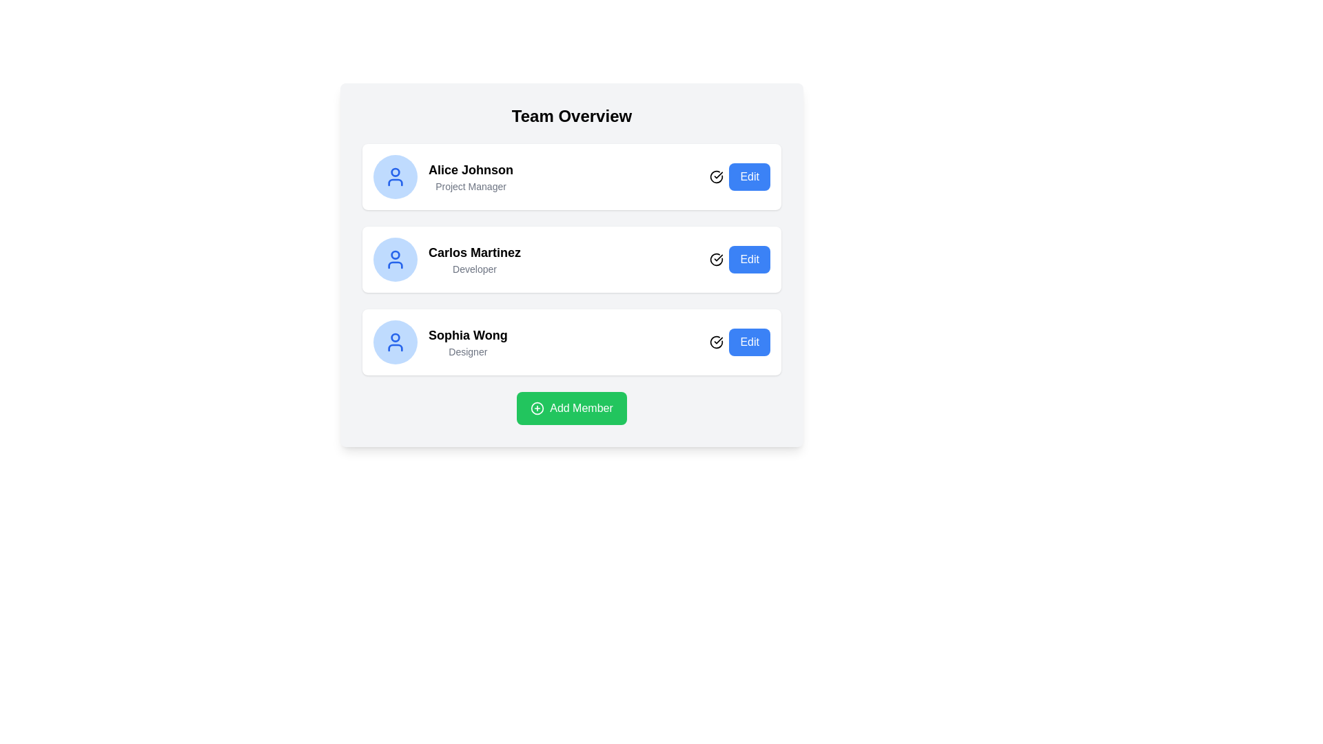  I want to click on the Text label displaying the name 'Carlos Martinez' in the second profile card, which is positioned above the subtitle 'Developer' and below 'Alice Johnson', so click(475, 252).